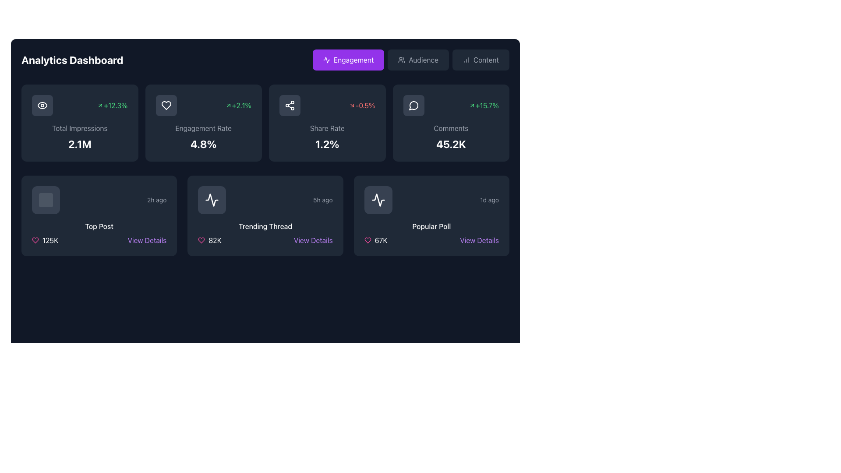 The width and height of the screenshot is (841, 473). I want to click on the Text label that indicates the share rate of the analytics dashboard, which is located in the 'Share Rate' section, below the share icon and percentage rate '-0.5%', and above the metric value '1.2%.', so click(327, 128).